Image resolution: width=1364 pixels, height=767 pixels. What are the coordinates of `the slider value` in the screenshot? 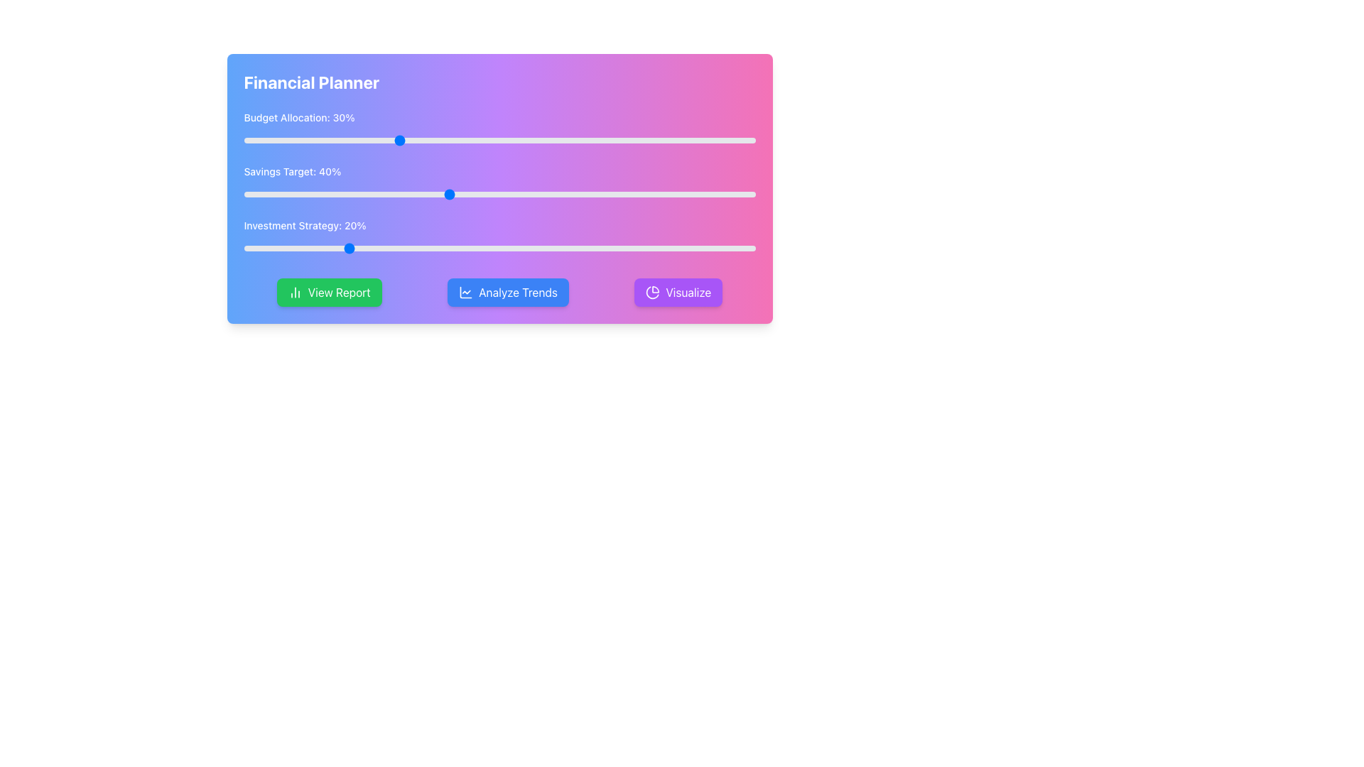 It's located at (269, 140).